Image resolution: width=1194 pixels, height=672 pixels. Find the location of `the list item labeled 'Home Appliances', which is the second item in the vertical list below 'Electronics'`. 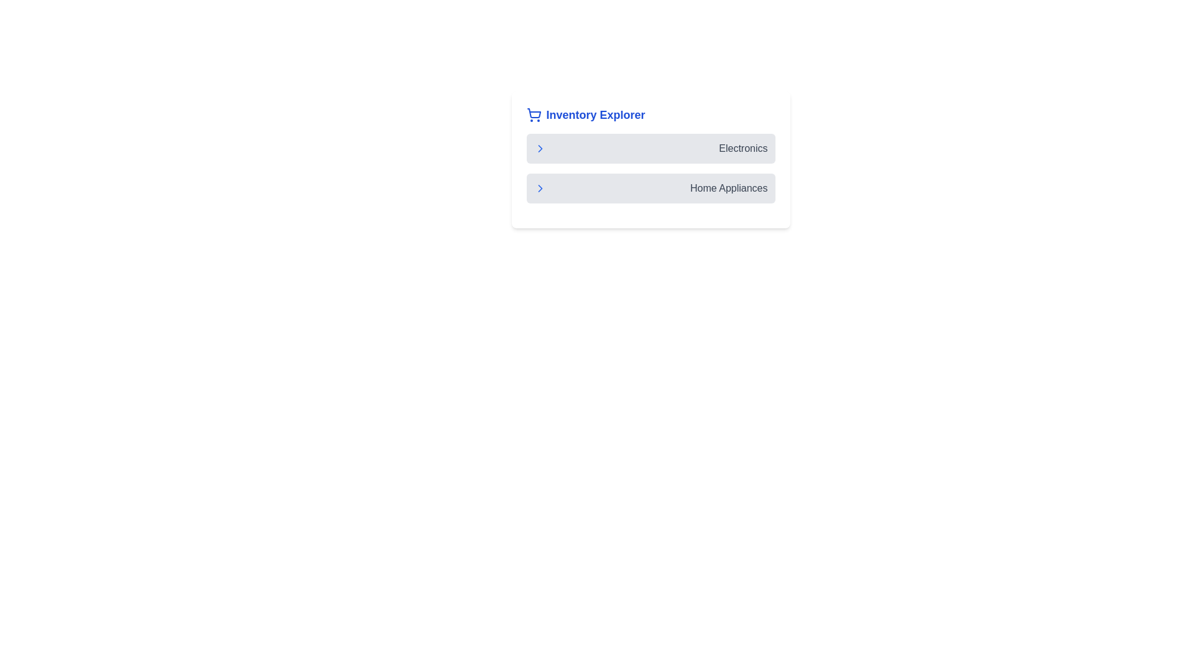

the list item labeled 'Home Appliances', which is the second item in the vertical list below 'Electronics' is located at coordinates (650, 189).